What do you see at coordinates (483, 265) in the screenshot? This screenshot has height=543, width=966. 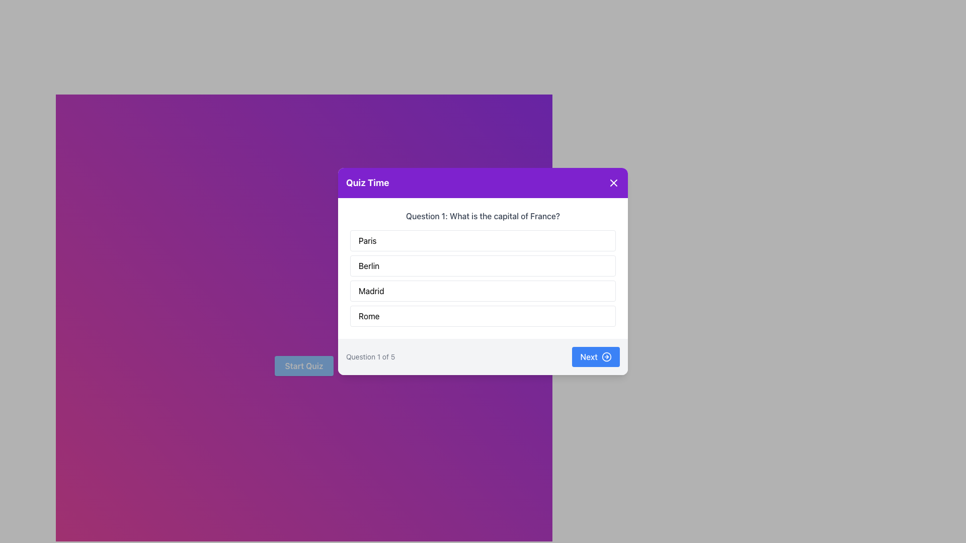 I see `the button labeled 'Berlin'` at bounding box center [483, 265].